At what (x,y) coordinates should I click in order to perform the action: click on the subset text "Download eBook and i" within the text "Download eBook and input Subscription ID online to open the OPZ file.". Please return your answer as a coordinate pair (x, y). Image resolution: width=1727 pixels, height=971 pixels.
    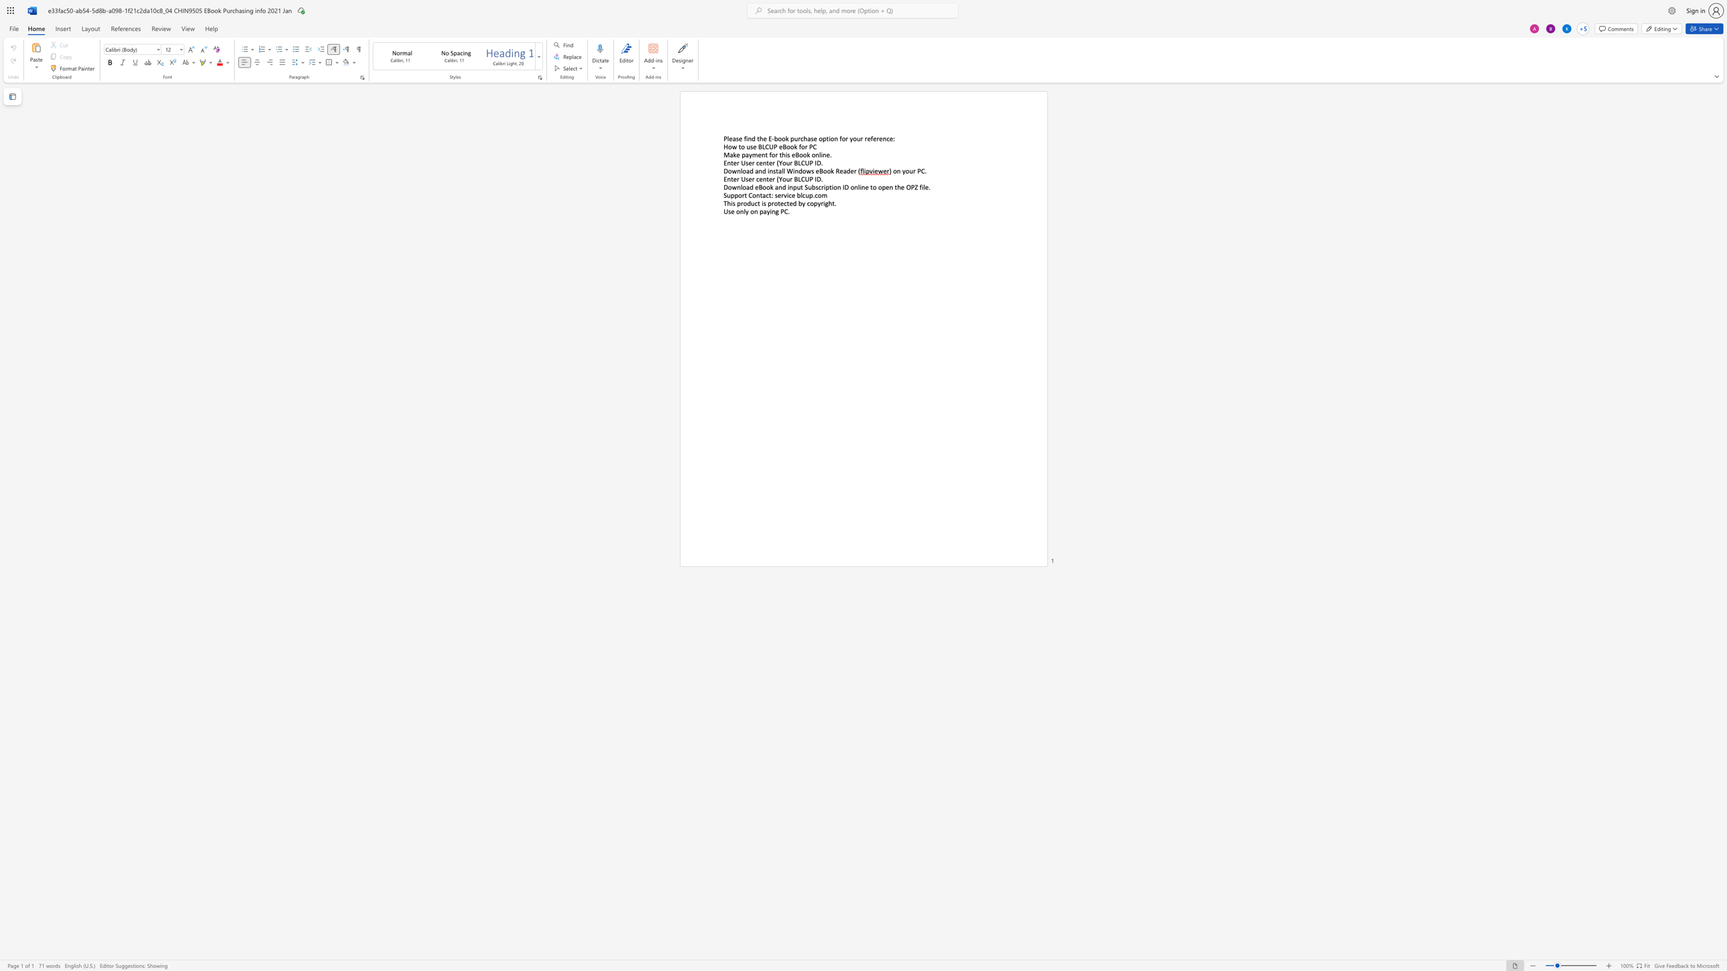
    Looking at the image, I should click on (723, 186).